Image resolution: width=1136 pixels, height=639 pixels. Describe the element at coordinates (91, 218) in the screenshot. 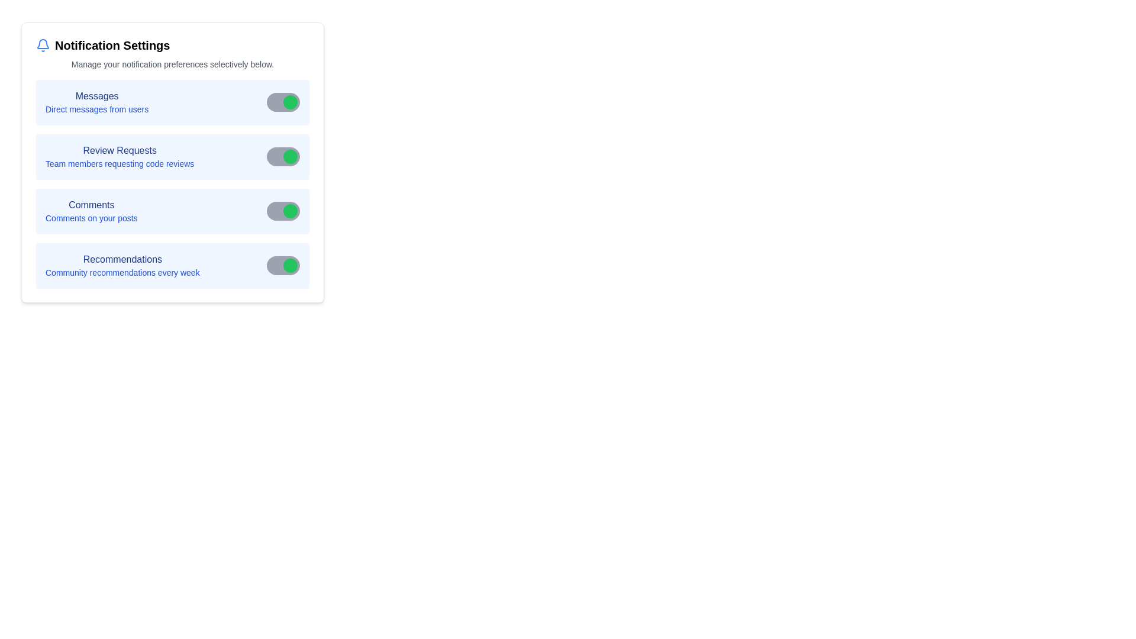

I see `the text label that provides additional detail for the 'Comments' notification setting, located below the 'Comments' text in a light blue section` at that location.